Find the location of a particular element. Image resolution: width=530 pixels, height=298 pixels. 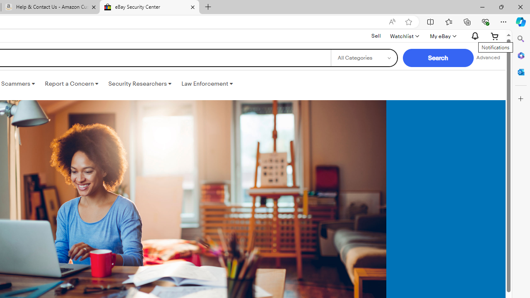

'Sell' is located at coordinates (376, 36).